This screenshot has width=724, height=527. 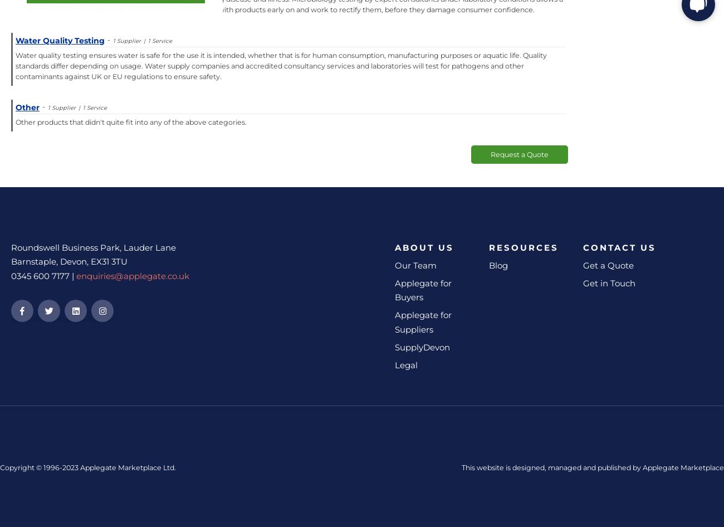 I want to click on 'Applegate for Suppliers', so click(x=395, y=321).